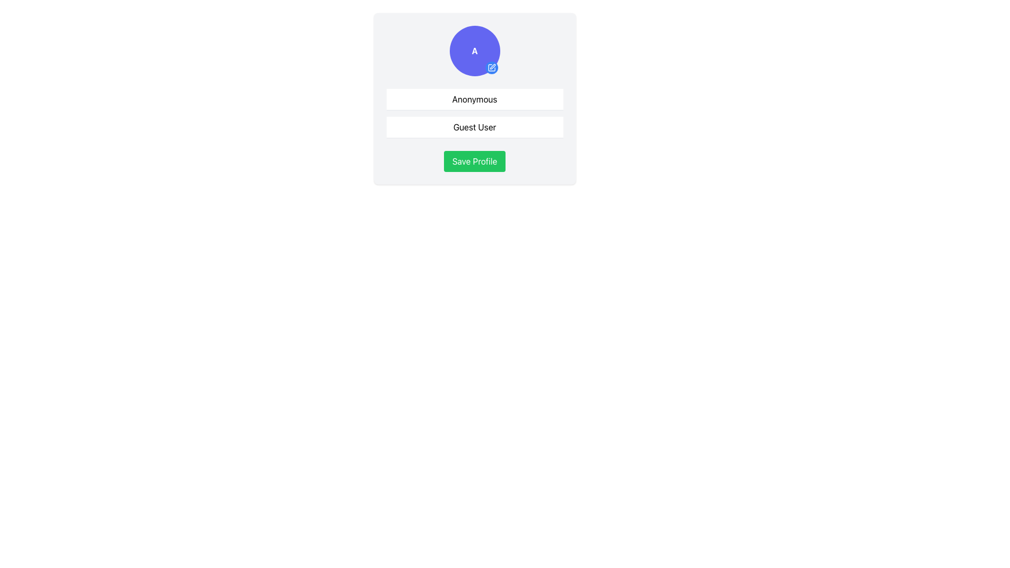 This screenshot has width=1010, height=568. I want to click on the pen-shaped icon for editing located at the top-right side of the purple circle containing an 'A', so click(492, 67).